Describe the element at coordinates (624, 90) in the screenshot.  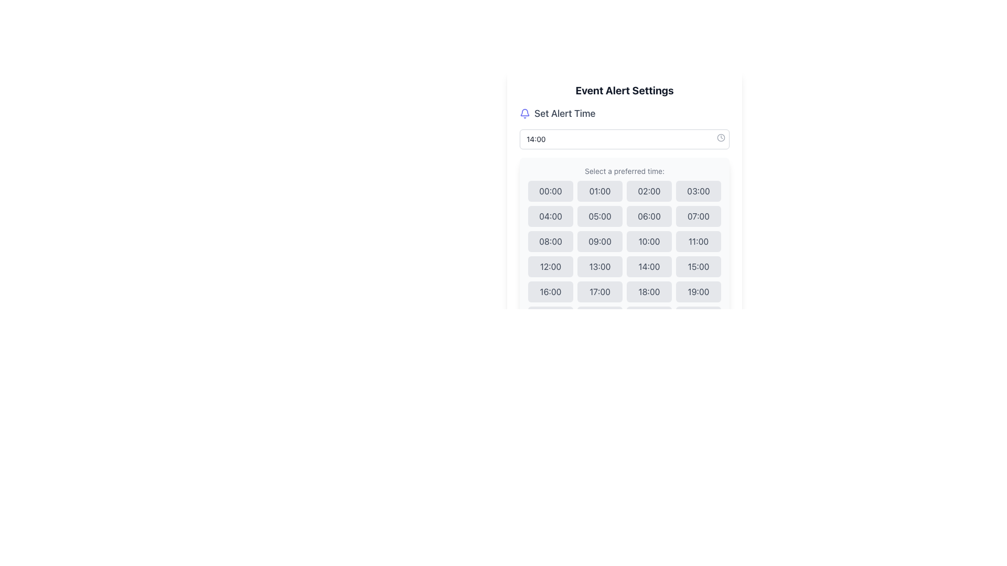
I see `the Text Header element that serves as a title for managing event alert settings, positioned at the top of the component above the 'Set Alert Time' section` at that location.